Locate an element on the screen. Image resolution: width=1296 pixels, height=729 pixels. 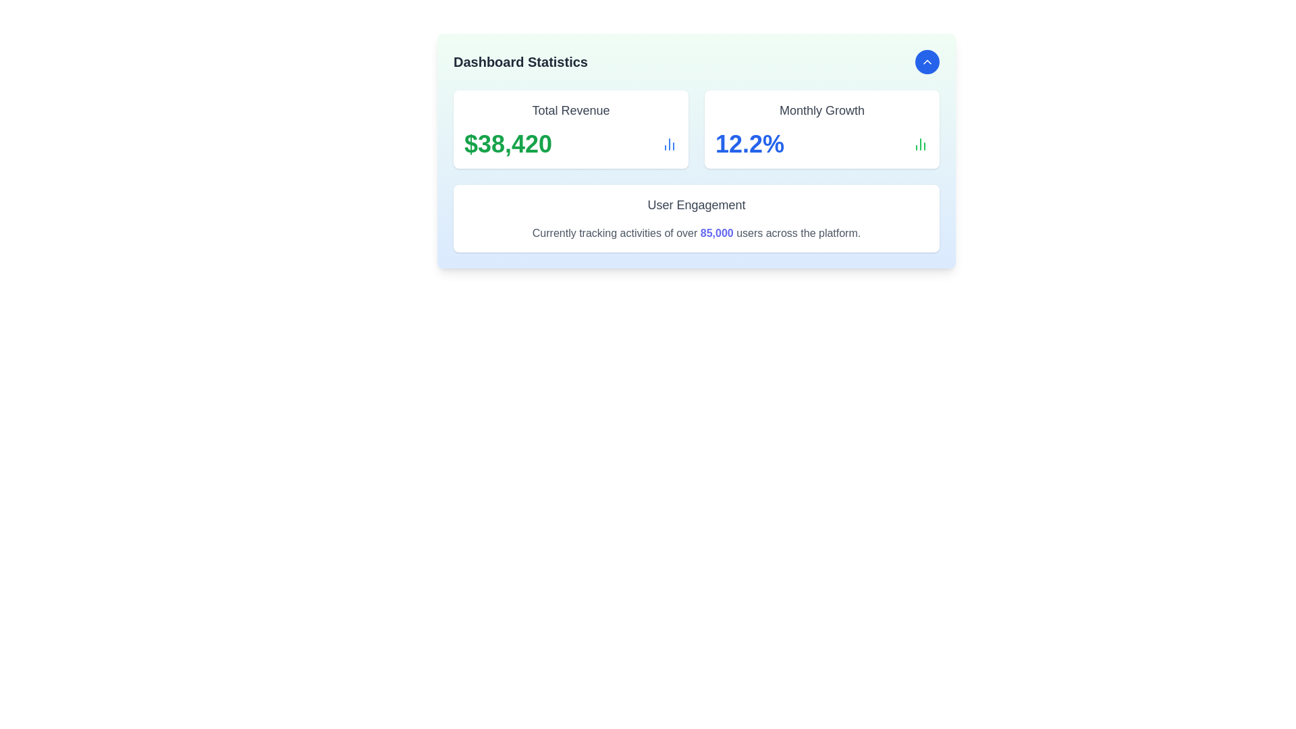
the prominent numerical display '12.2%' in bold, large, vibrant blue font located in the top-right section of the 'Monthly Growth' card module is located at coordinates (749, 144).